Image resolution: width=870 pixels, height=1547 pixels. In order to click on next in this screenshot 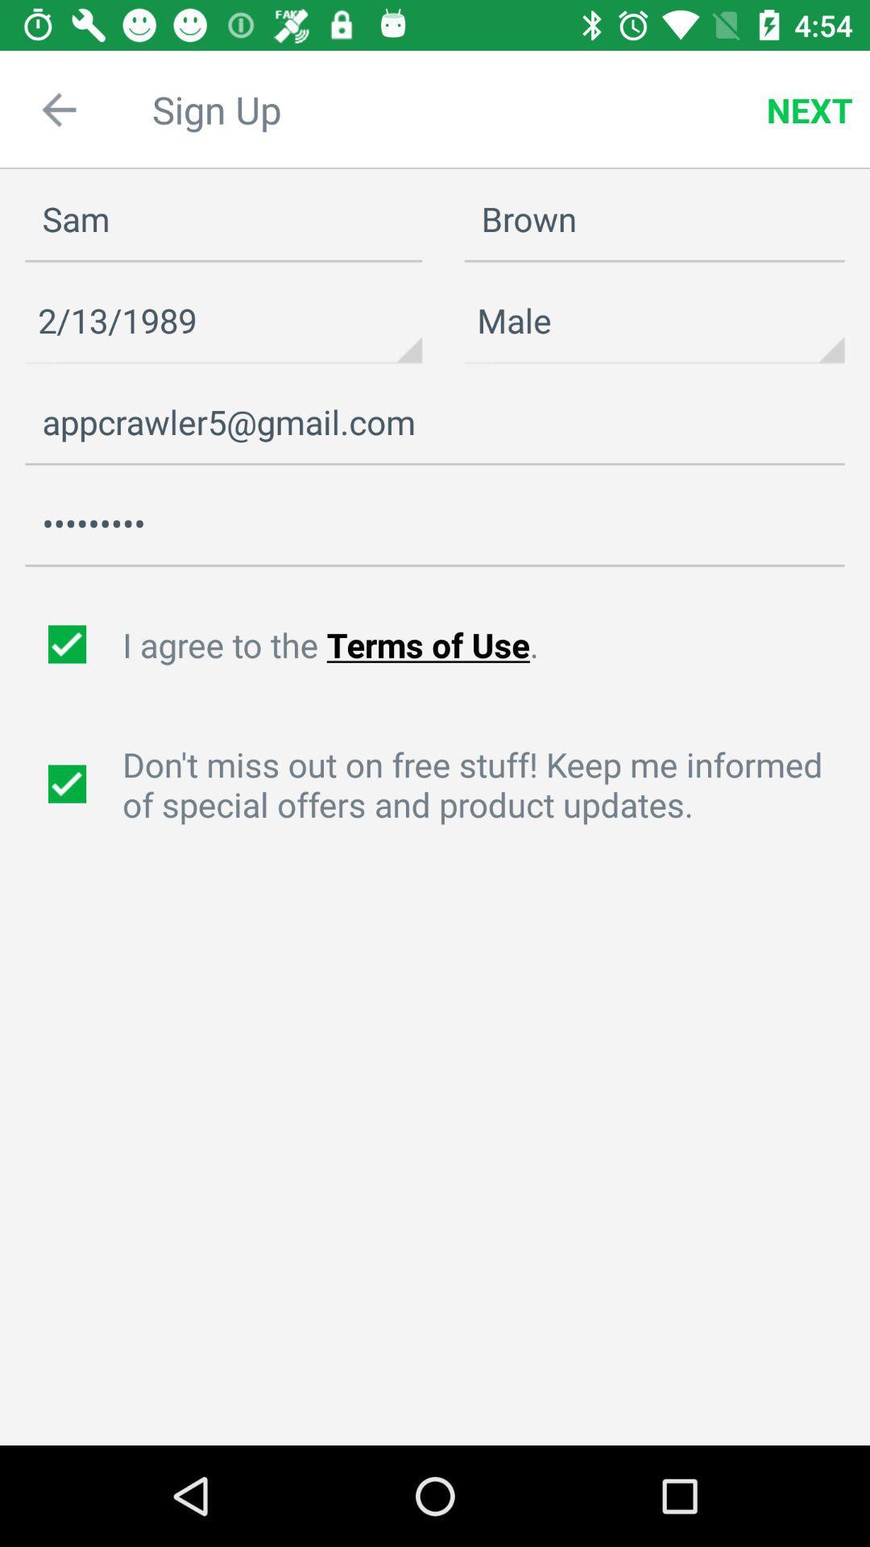, I will do `click(810, 110)`.